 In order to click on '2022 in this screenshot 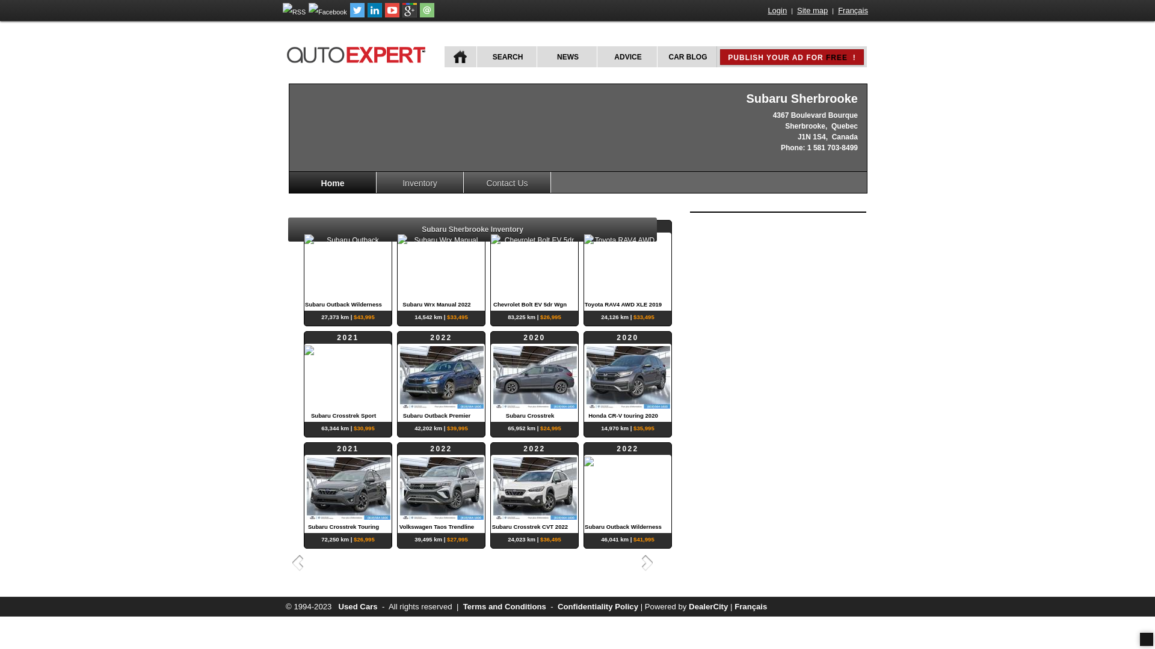, I will do `click(627, 488)`.